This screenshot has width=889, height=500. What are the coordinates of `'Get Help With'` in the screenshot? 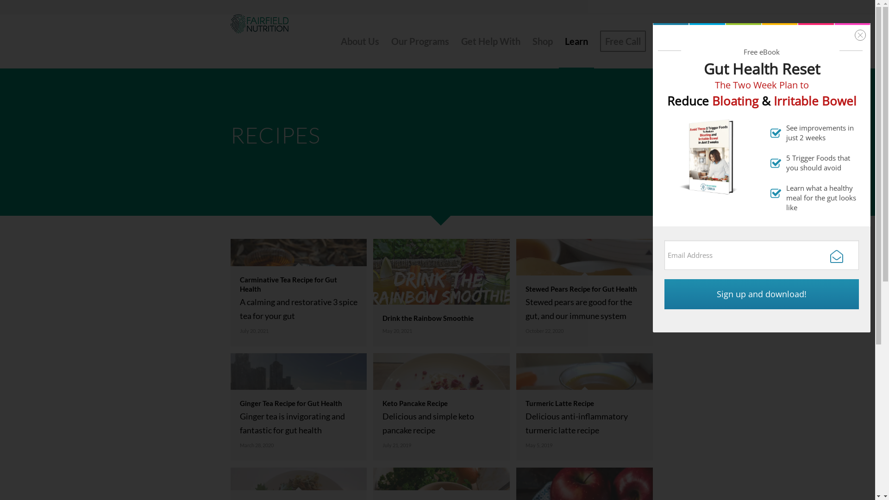 It's located at (455, 40).